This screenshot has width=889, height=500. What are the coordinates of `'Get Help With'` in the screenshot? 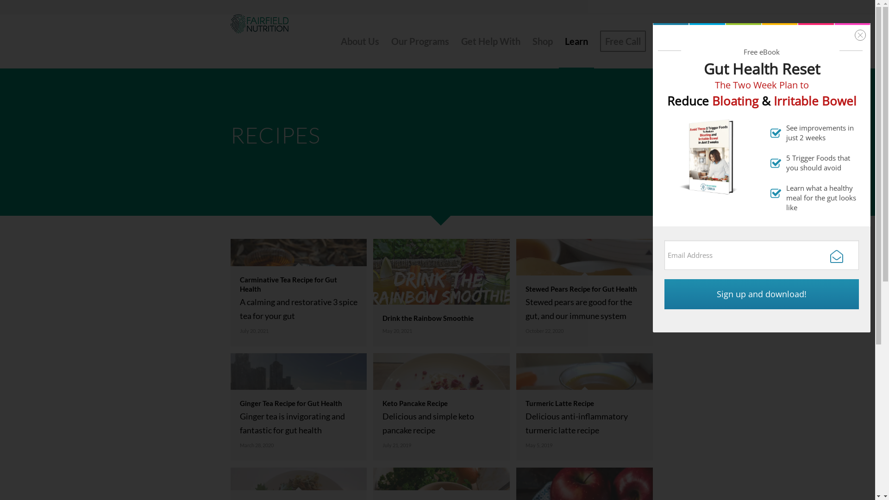 It's located at (455, 40).